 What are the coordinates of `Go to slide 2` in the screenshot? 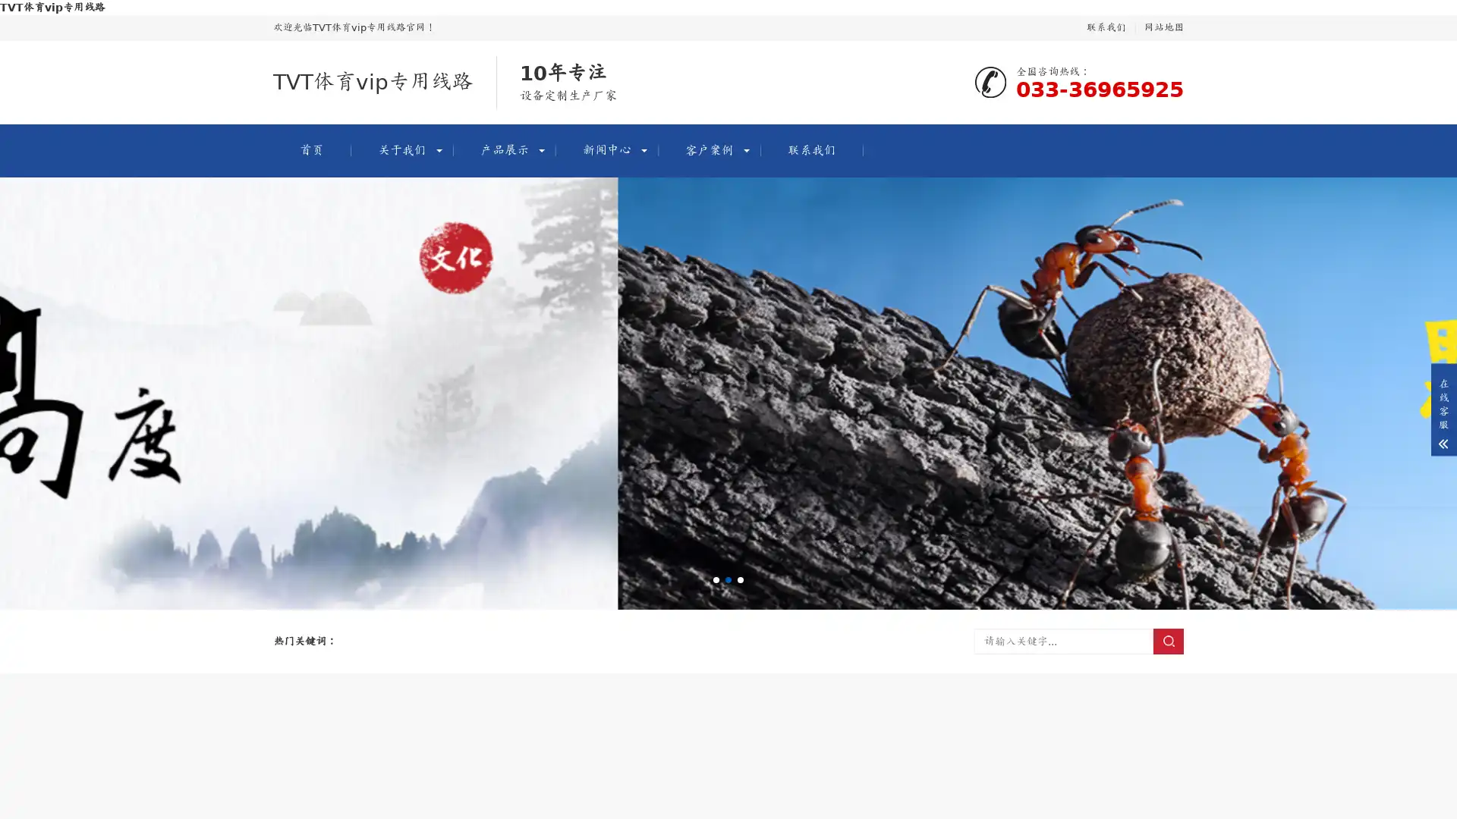 It's located at (728, 579).